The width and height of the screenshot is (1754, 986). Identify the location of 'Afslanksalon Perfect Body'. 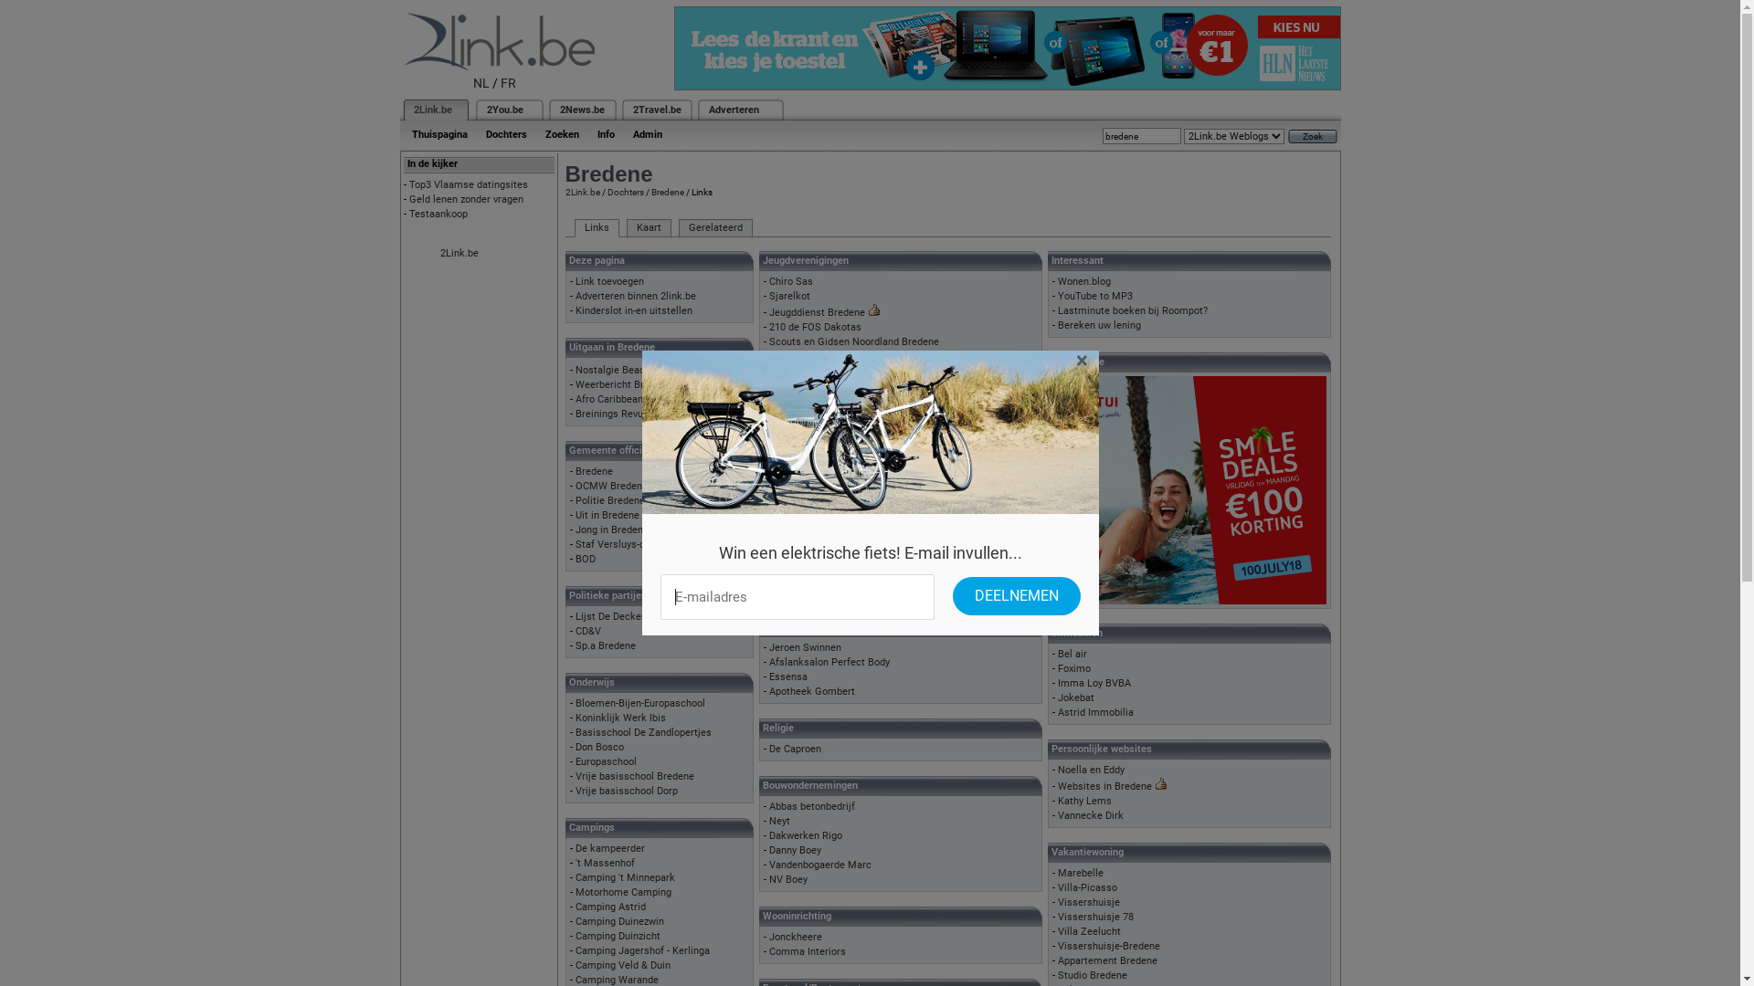
(828, 662).